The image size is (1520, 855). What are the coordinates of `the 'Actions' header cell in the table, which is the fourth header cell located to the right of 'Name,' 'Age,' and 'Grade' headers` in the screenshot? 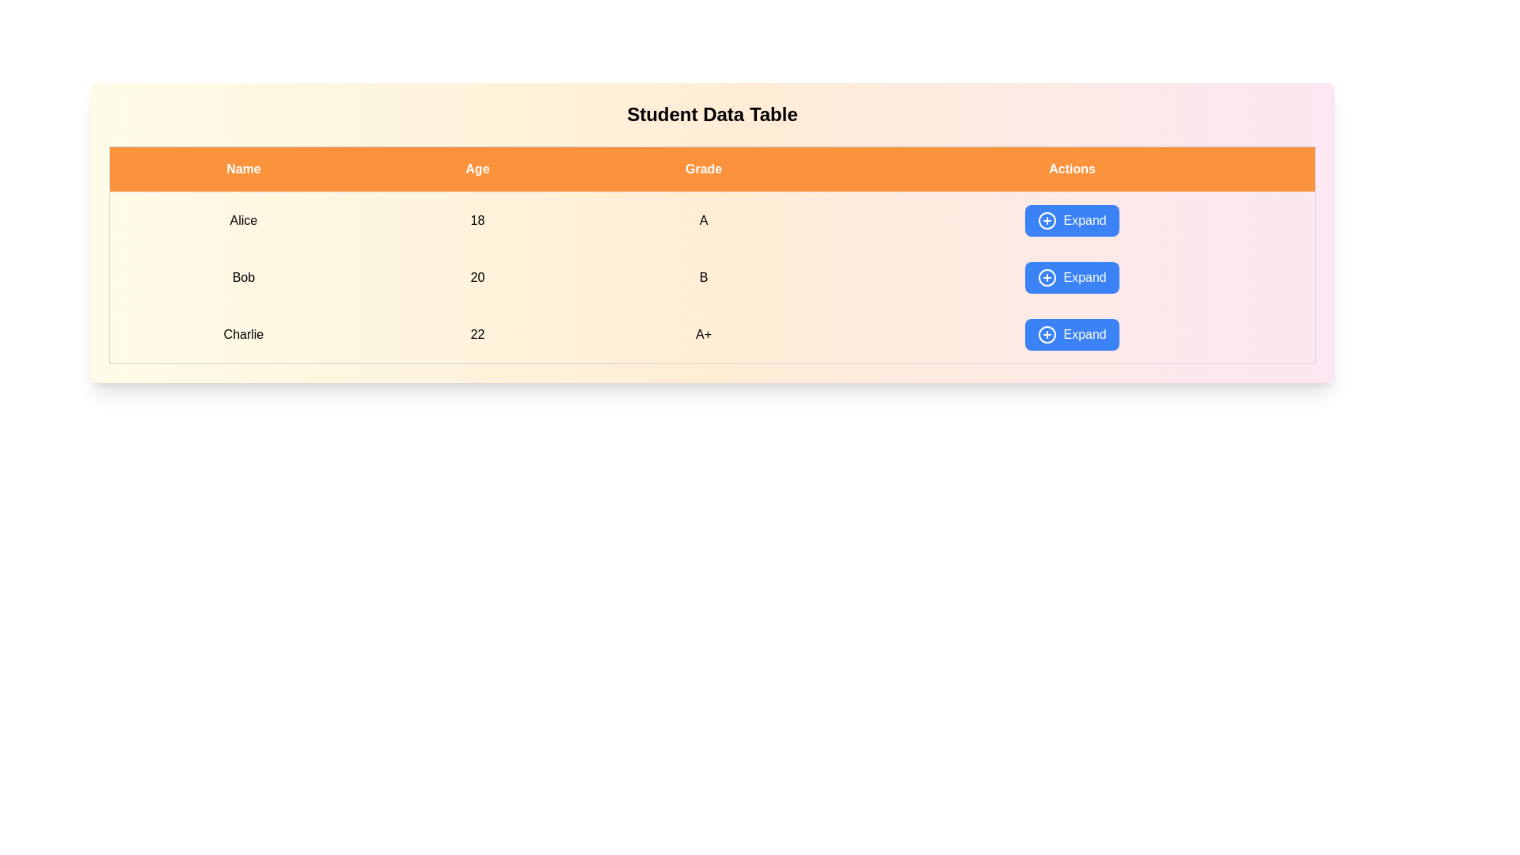 It's located at (1072, 169).